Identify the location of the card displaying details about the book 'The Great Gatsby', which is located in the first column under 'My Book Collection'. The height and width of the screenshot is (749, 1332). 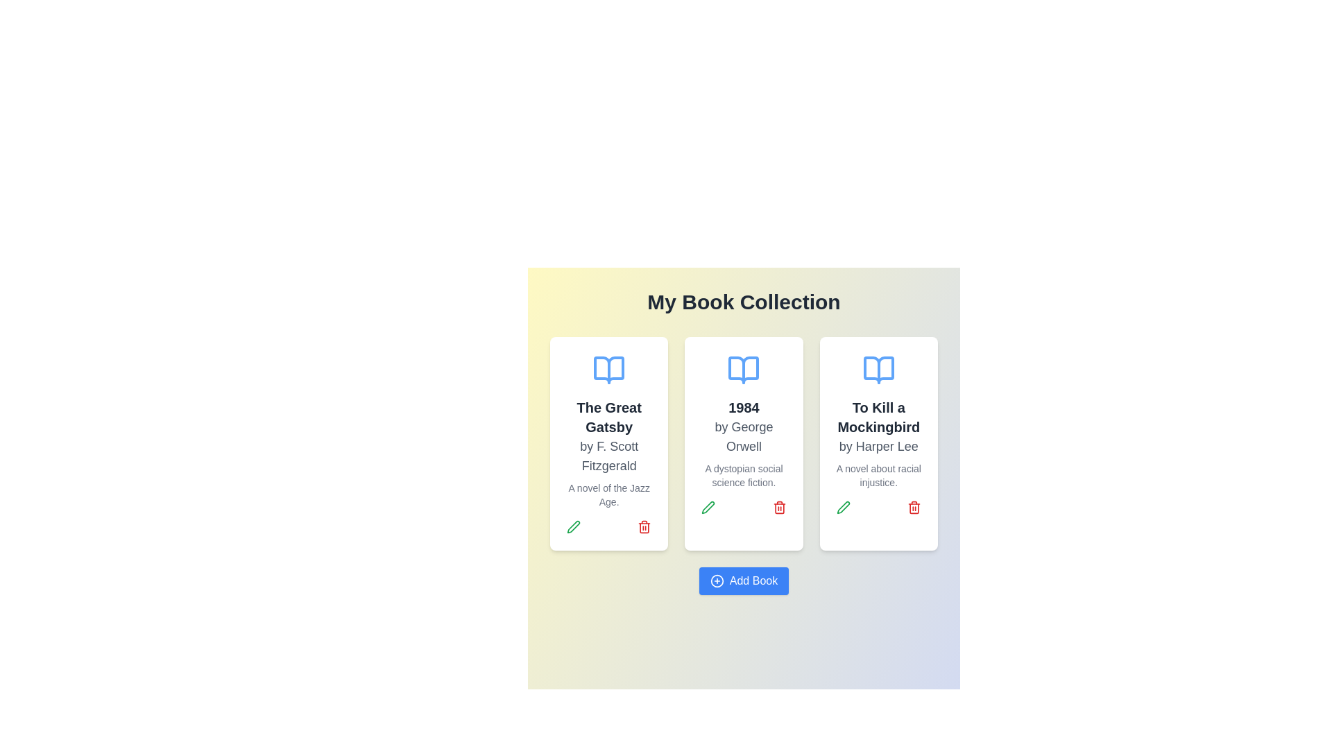
(609, 444).